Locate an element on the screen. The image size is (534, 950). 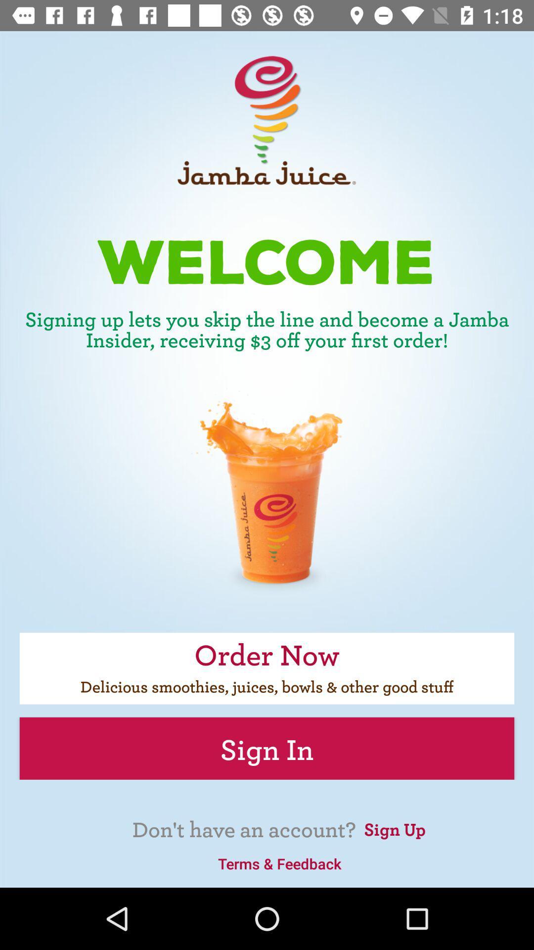
the sign in icon is located at coordinates (267, 748).